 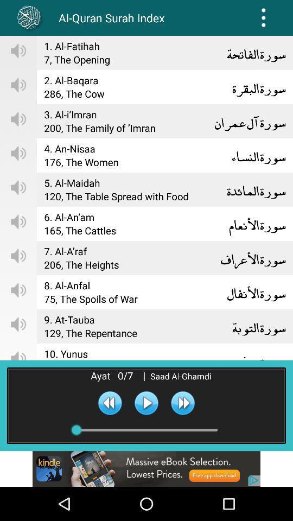 I want to click on advertisement, so click(x=146, y=468).